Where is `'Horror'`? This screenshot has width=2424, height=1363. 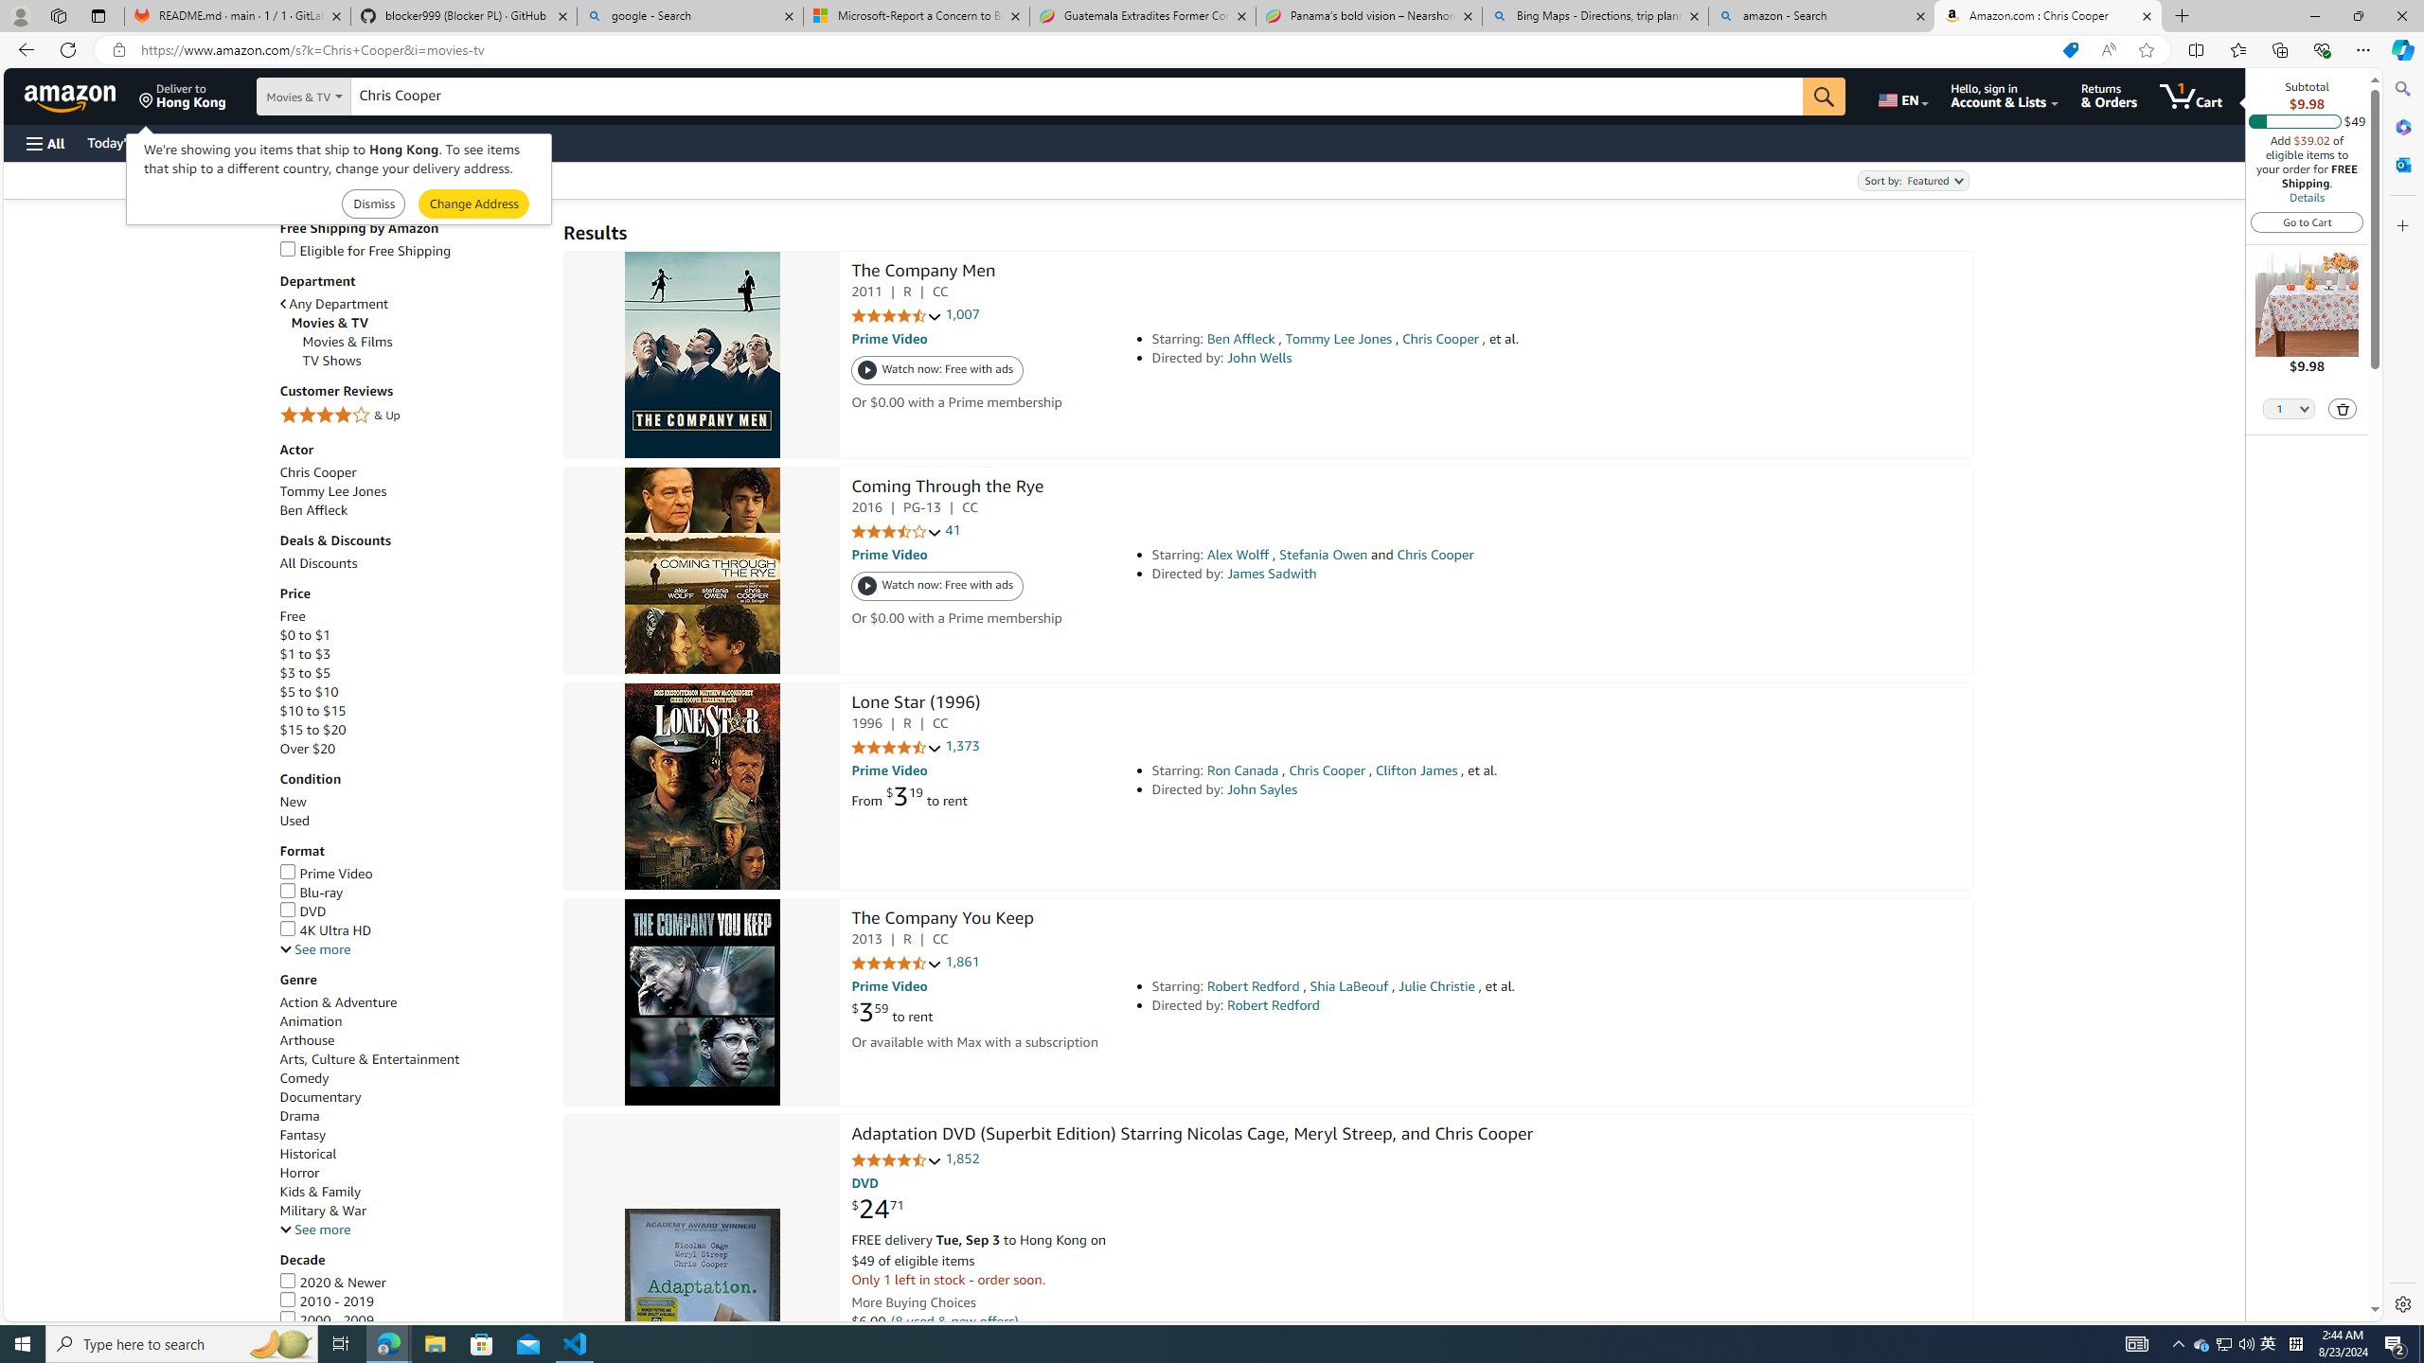 'Horror' is located at coordinates (298, 1172).